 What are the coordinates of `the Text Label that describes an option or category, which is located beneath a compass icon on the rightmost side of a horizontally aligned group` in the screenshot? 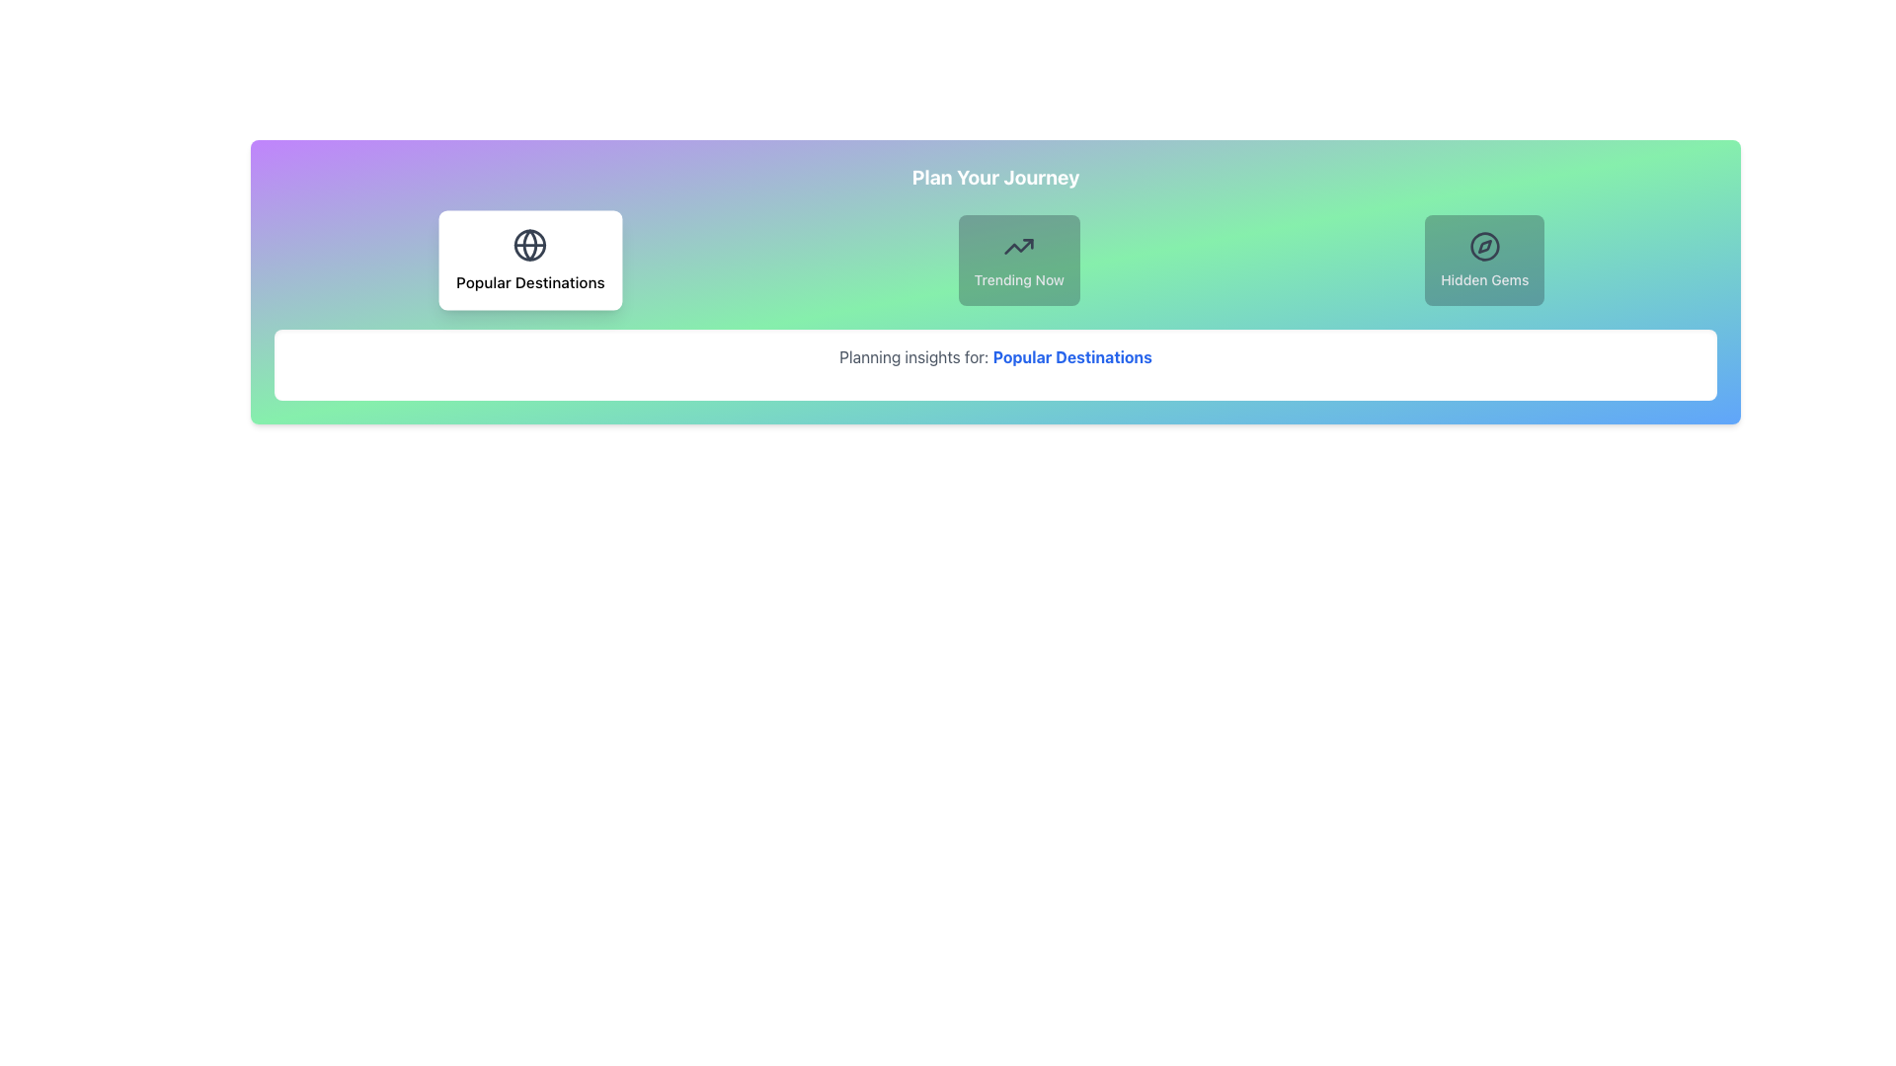 It's located at (1484, 280).